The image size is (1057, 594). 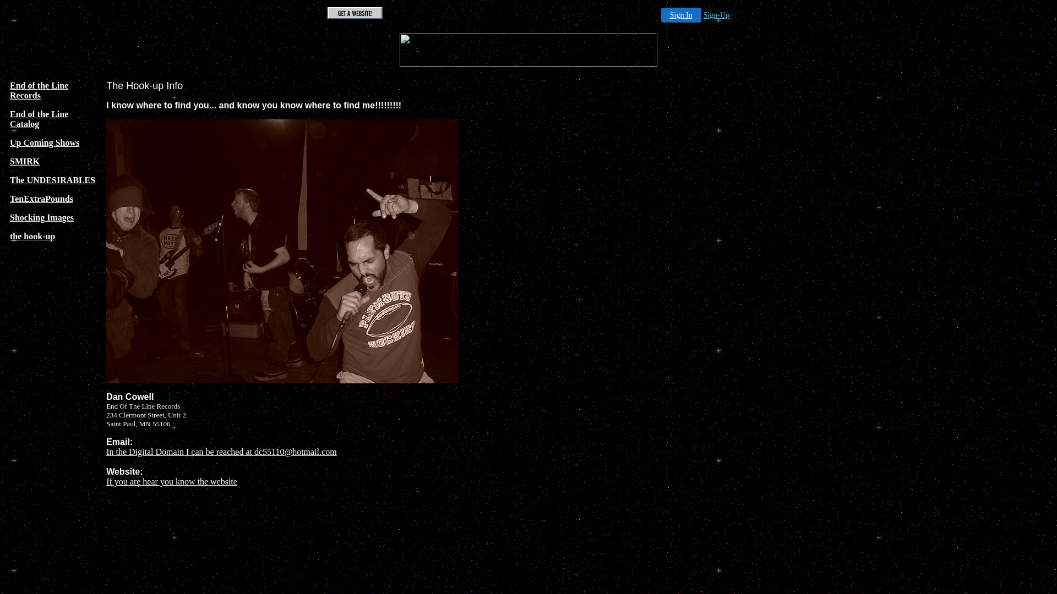 What do you see at coordinates (680, 15) in the screenshot?
I see `'Sign In'` at bounding box center [680, 15].